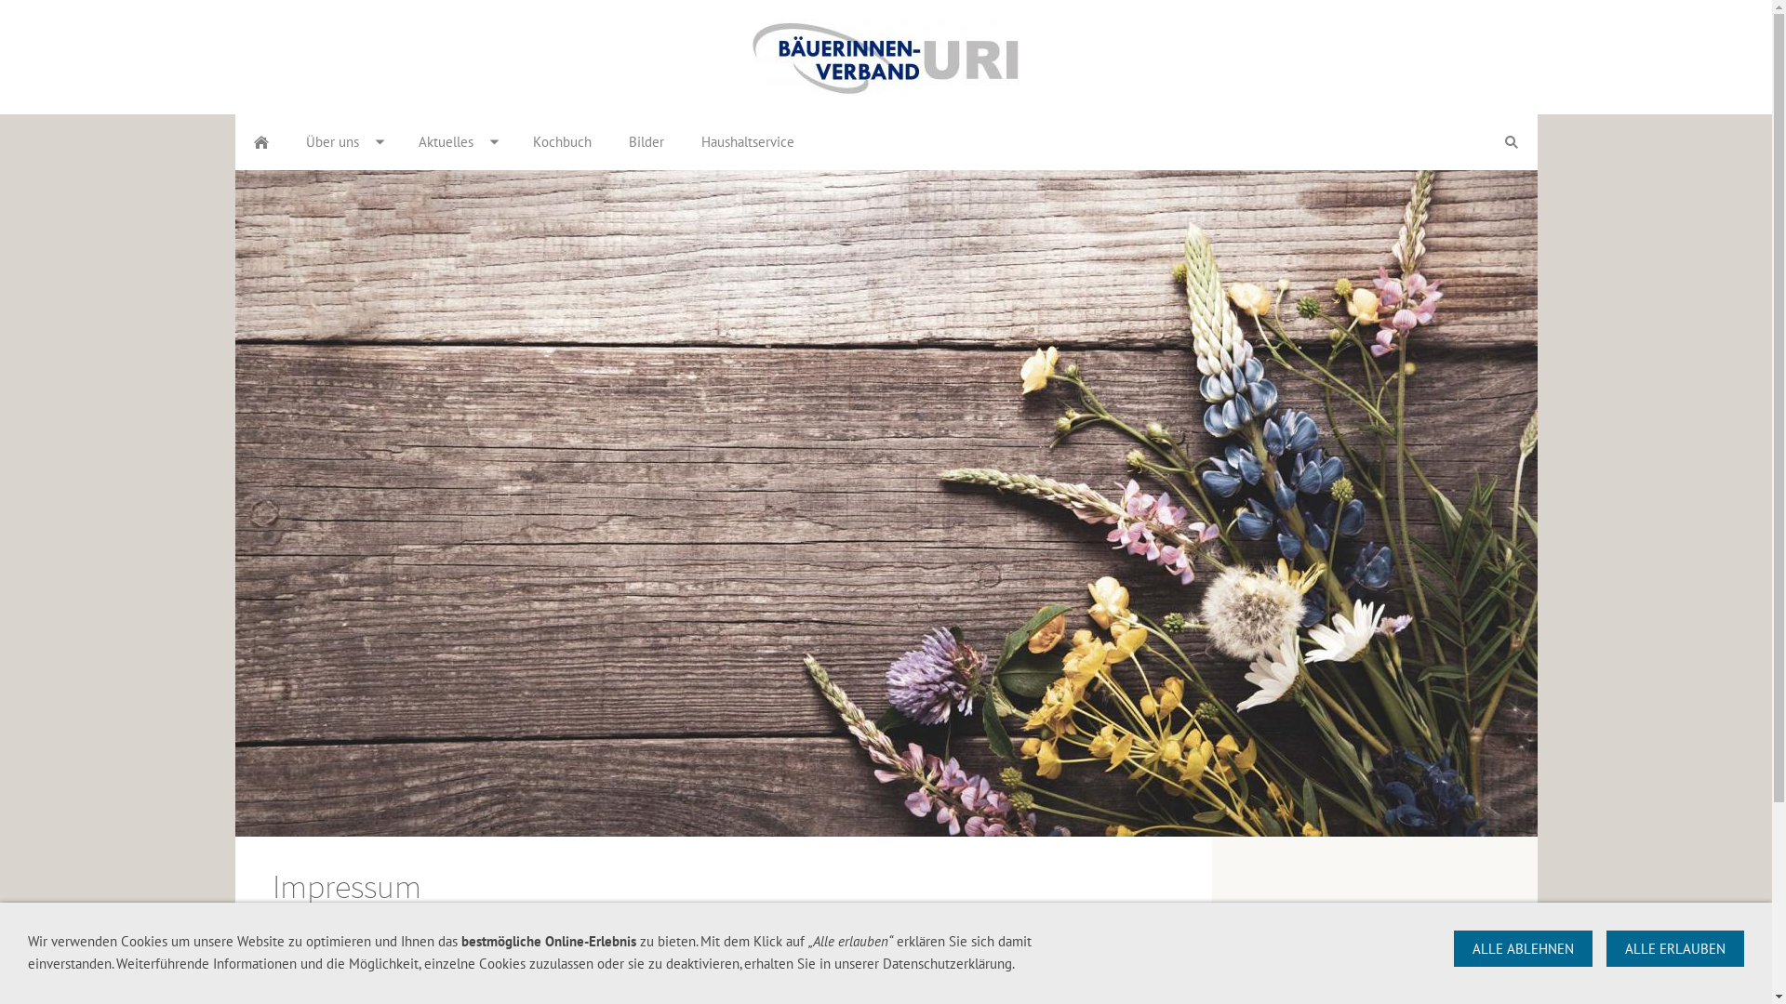 Image resolution: width=1786 pixels, height=1004 pixels. What do you see at coordinates (1674, 948) in the screenshot?
I see `'ALLE ERLAUBEN'` at bounding box center [1674, 948].